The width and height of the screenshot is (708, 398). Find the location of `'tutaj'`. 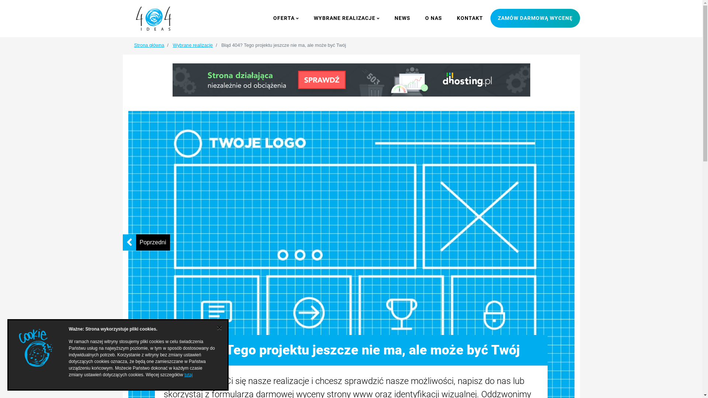

'tutaj' is located at coordinates (188, 375).